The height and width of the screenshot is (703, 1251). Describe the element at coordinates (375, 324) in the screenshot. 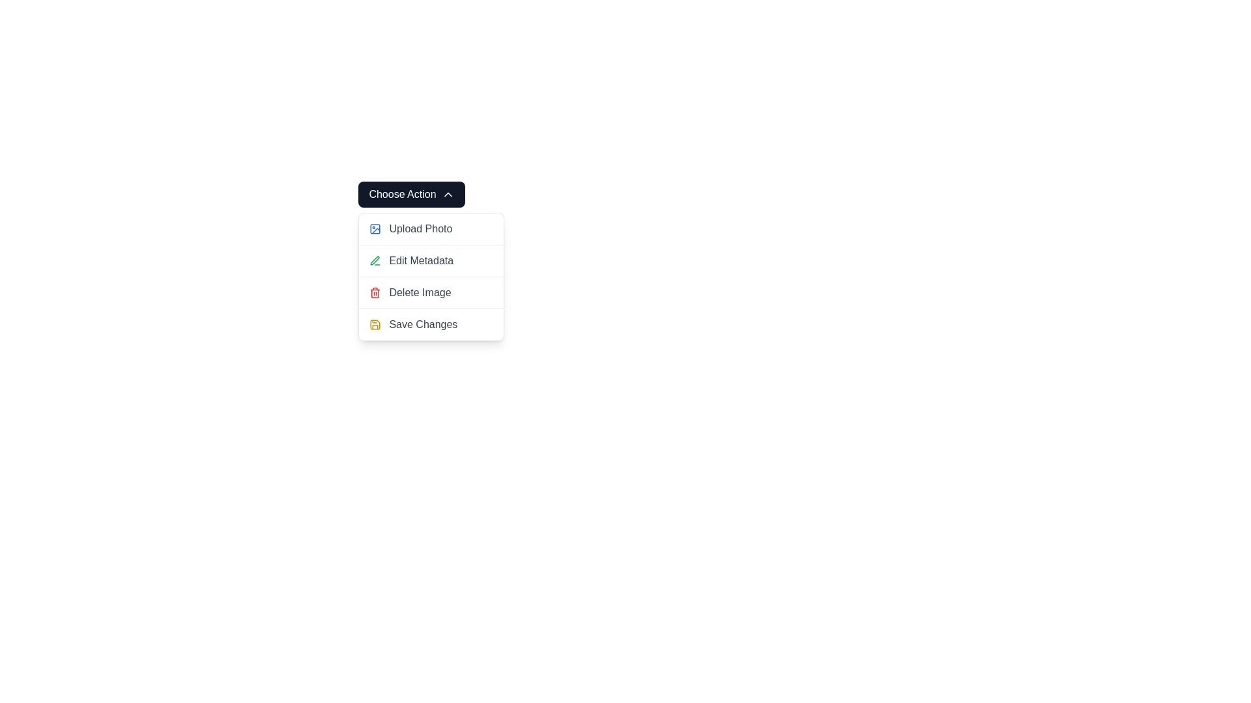

I see `the upper-left portion of the yellow save icon, which is part of the 'Save Changes' menu option in the dropdown` at that location.